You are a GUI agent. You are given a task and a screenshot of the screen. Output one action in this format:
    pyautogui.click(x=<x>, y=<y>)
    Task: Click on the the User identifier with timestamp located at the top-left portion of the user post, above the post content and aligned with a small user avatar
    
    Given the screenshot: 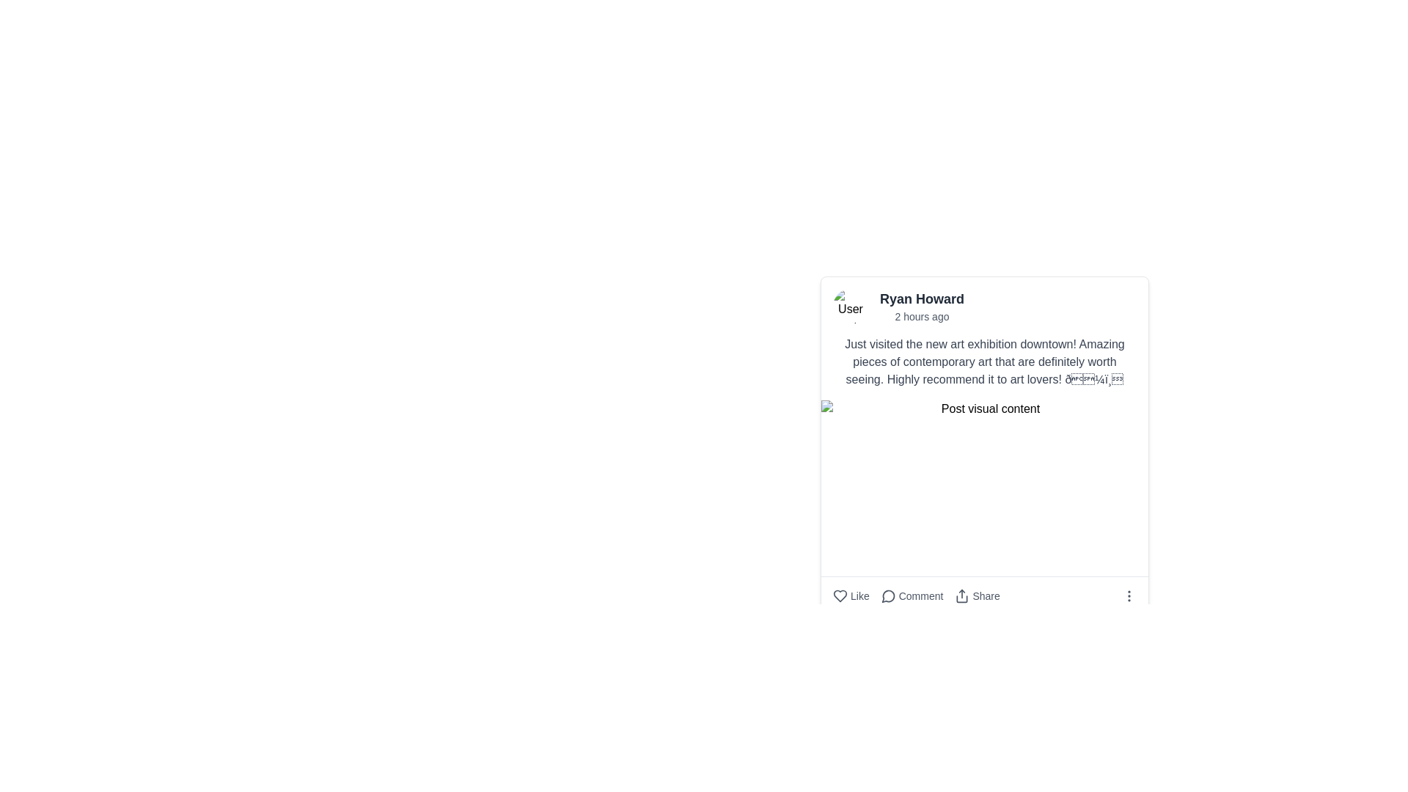 What is the action you would take?
    pyautogui.click(x=985, y=305)
    